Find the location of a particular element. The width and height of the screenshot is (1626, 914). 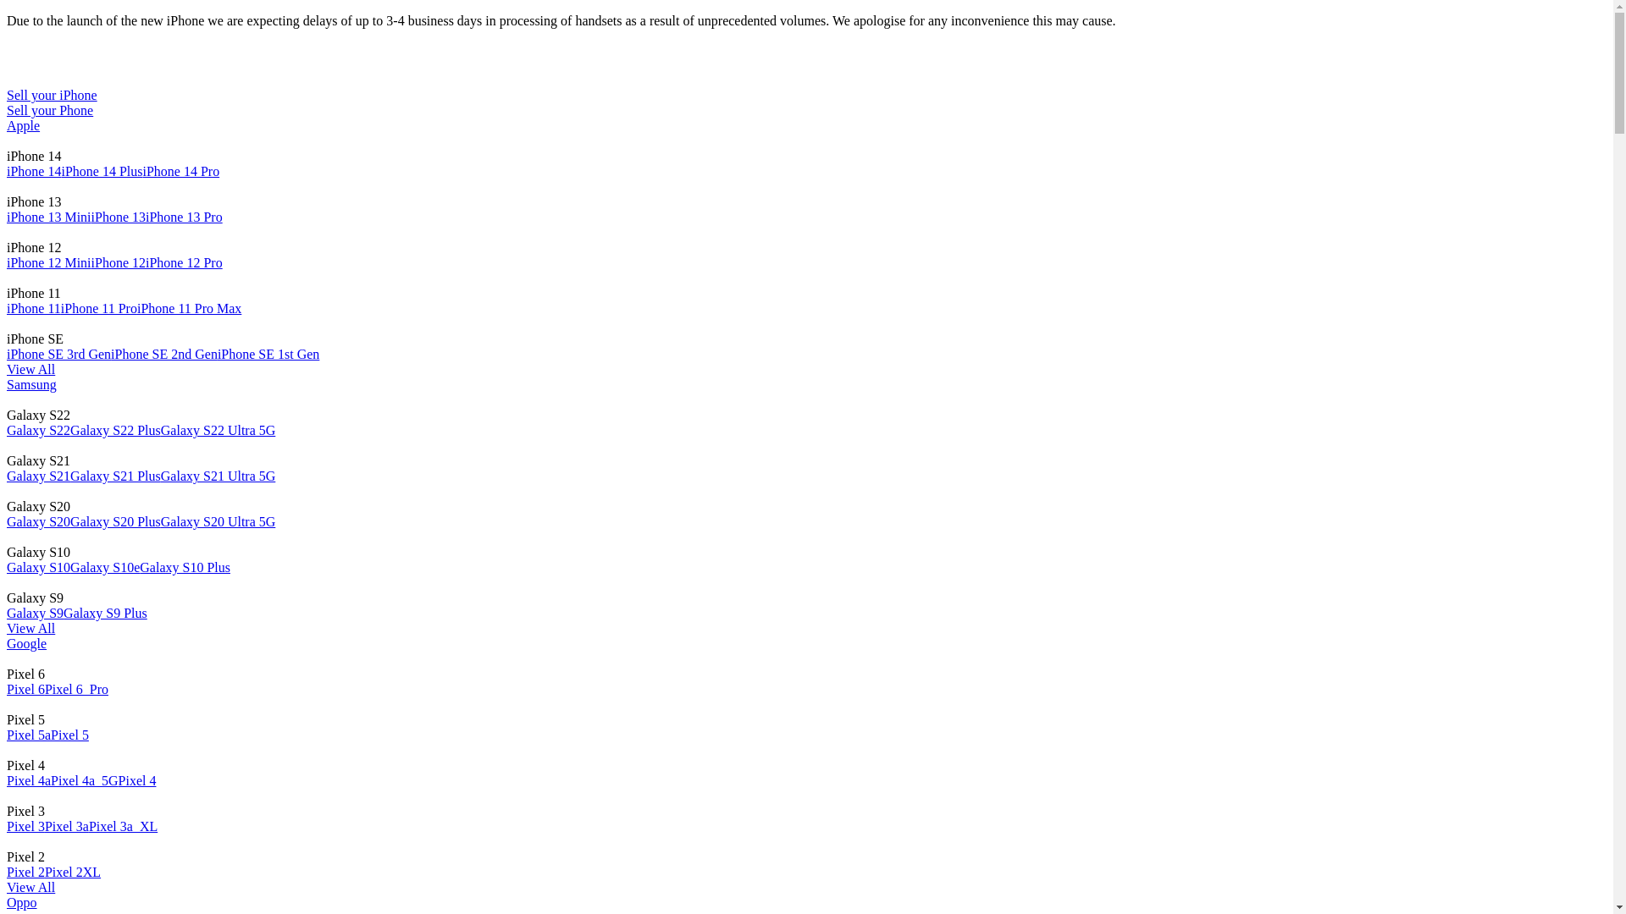

'Galaxy S10 Plus' is located at coordinates (139, 567).